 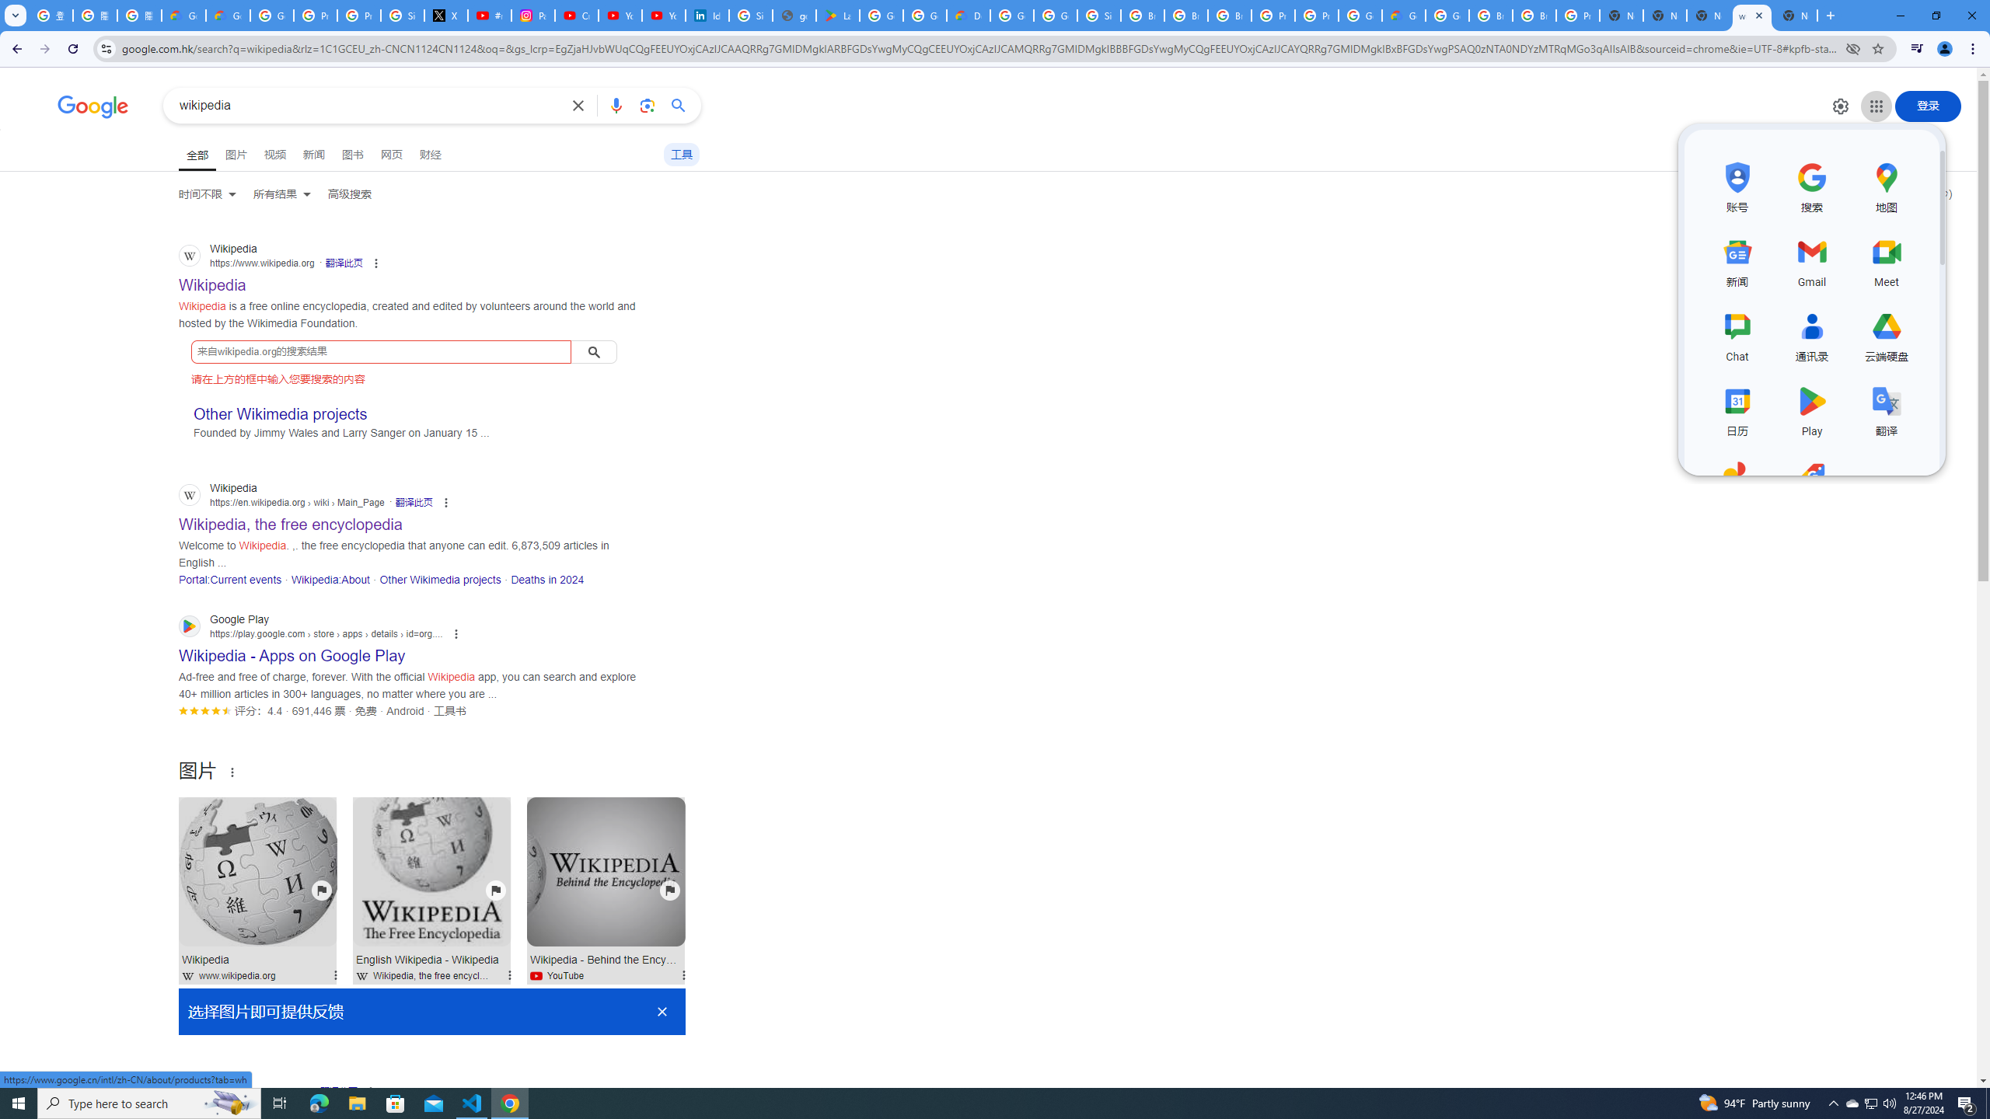 What do you see at coordinates (93, 106) in the screenshot?
I see `'Google'` at bounding box center [93, 106].